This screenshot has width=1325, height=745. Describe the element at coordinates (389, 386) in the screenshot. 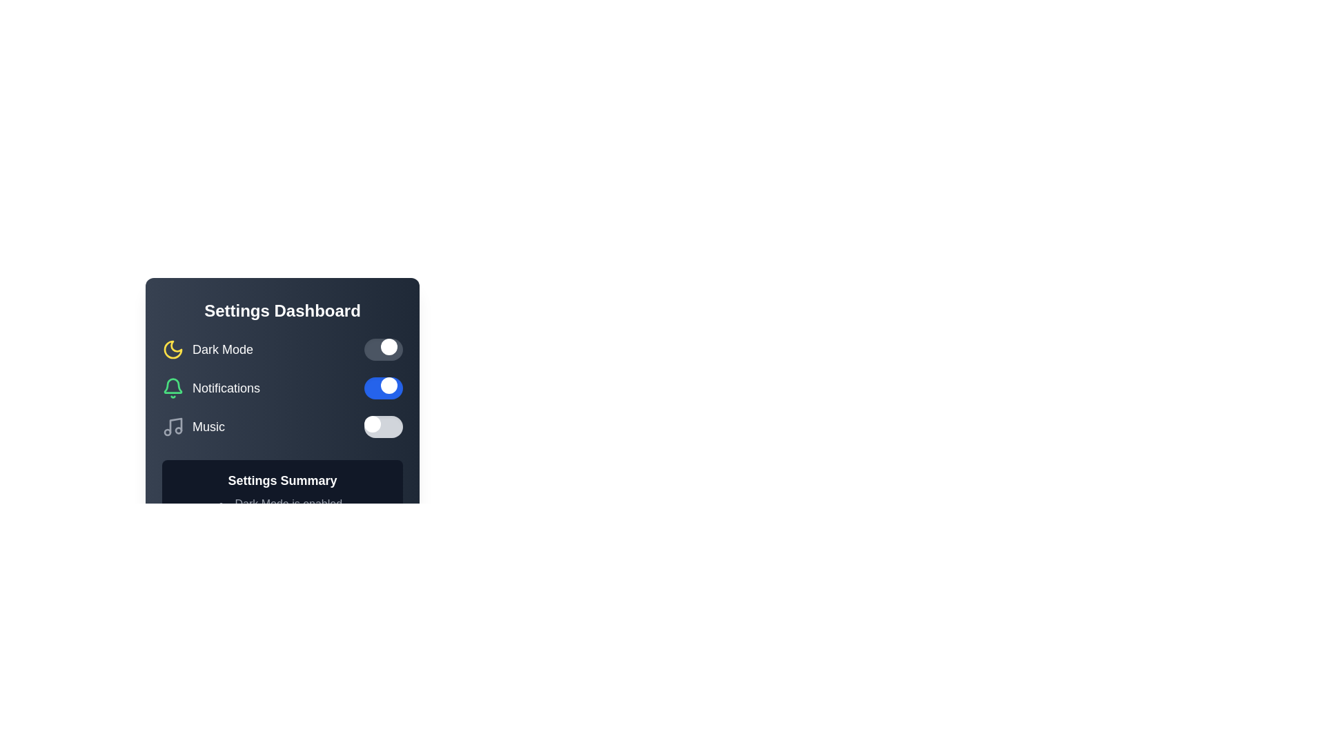

I see `the circular white toggle switch handle located at the right end of the 'Notifications' toggle in the 'Settings Dashboard'` at that location.